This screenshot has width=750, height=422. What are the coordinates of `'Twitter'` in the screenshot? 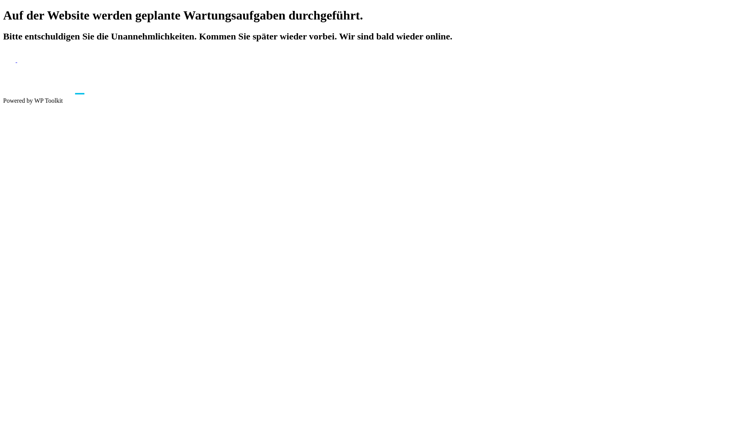 It's located at (17, 59).